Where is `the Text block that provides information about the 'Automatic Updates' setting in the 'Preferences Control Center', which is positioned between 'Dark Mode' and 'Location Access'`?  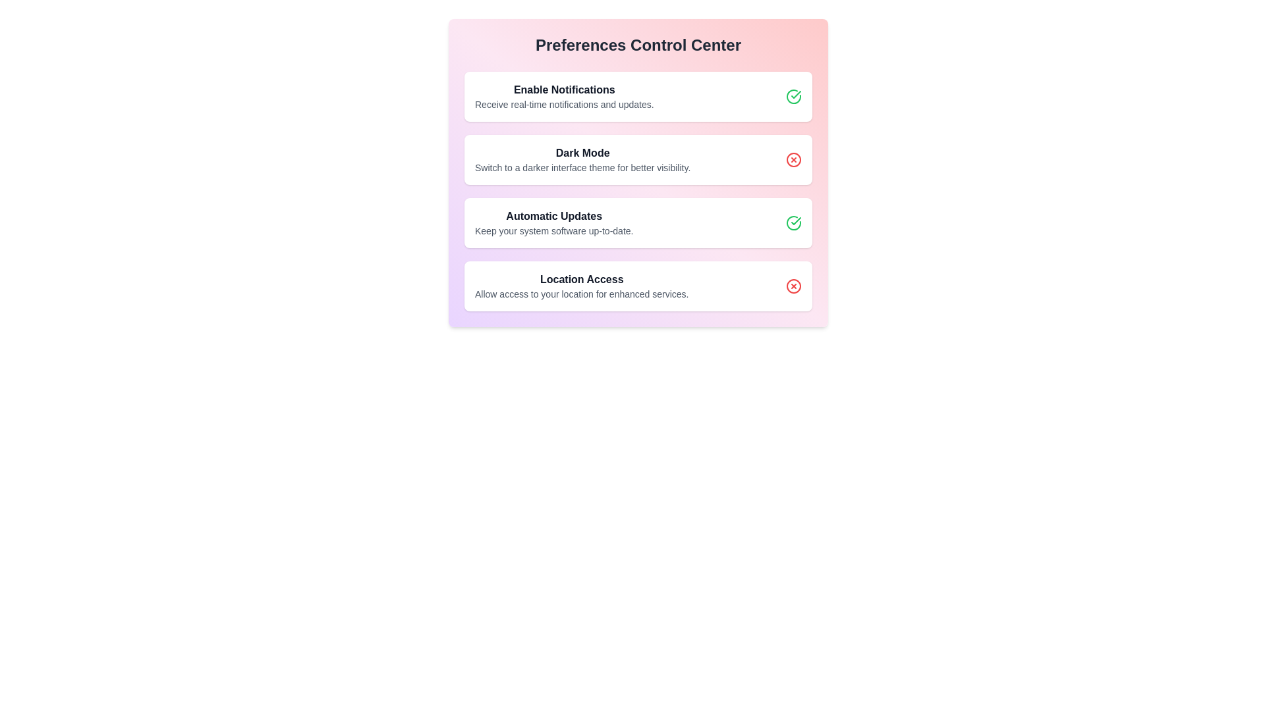 the Text block that provides information about the 'Automatic Updates' setting in the 'Preferences Control Center', which is positioned between 'Dark Mode' and 'Location Access' is located at coordinates (554, 223).